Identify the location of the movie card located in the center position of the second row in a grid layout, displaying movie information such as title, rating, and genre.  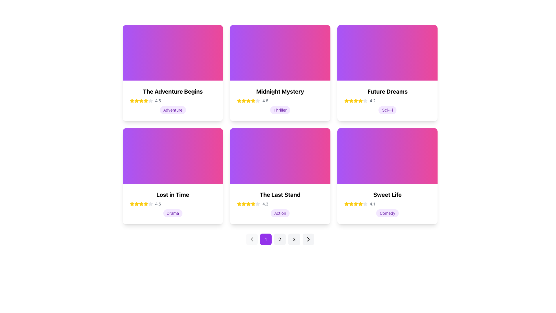
(280, 176).